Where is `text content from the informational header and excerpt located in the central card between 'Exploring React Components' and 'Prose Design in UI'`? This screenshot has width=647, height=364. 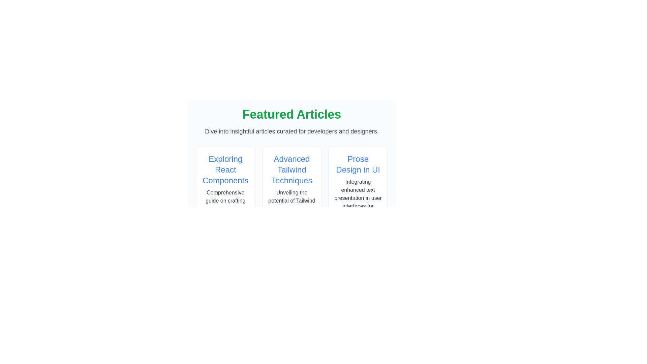 text content from the informational header and excerpt located in the central card between 'Exploring React Components' and 'Prose Design in UI' is located at coordinates (291, 187).